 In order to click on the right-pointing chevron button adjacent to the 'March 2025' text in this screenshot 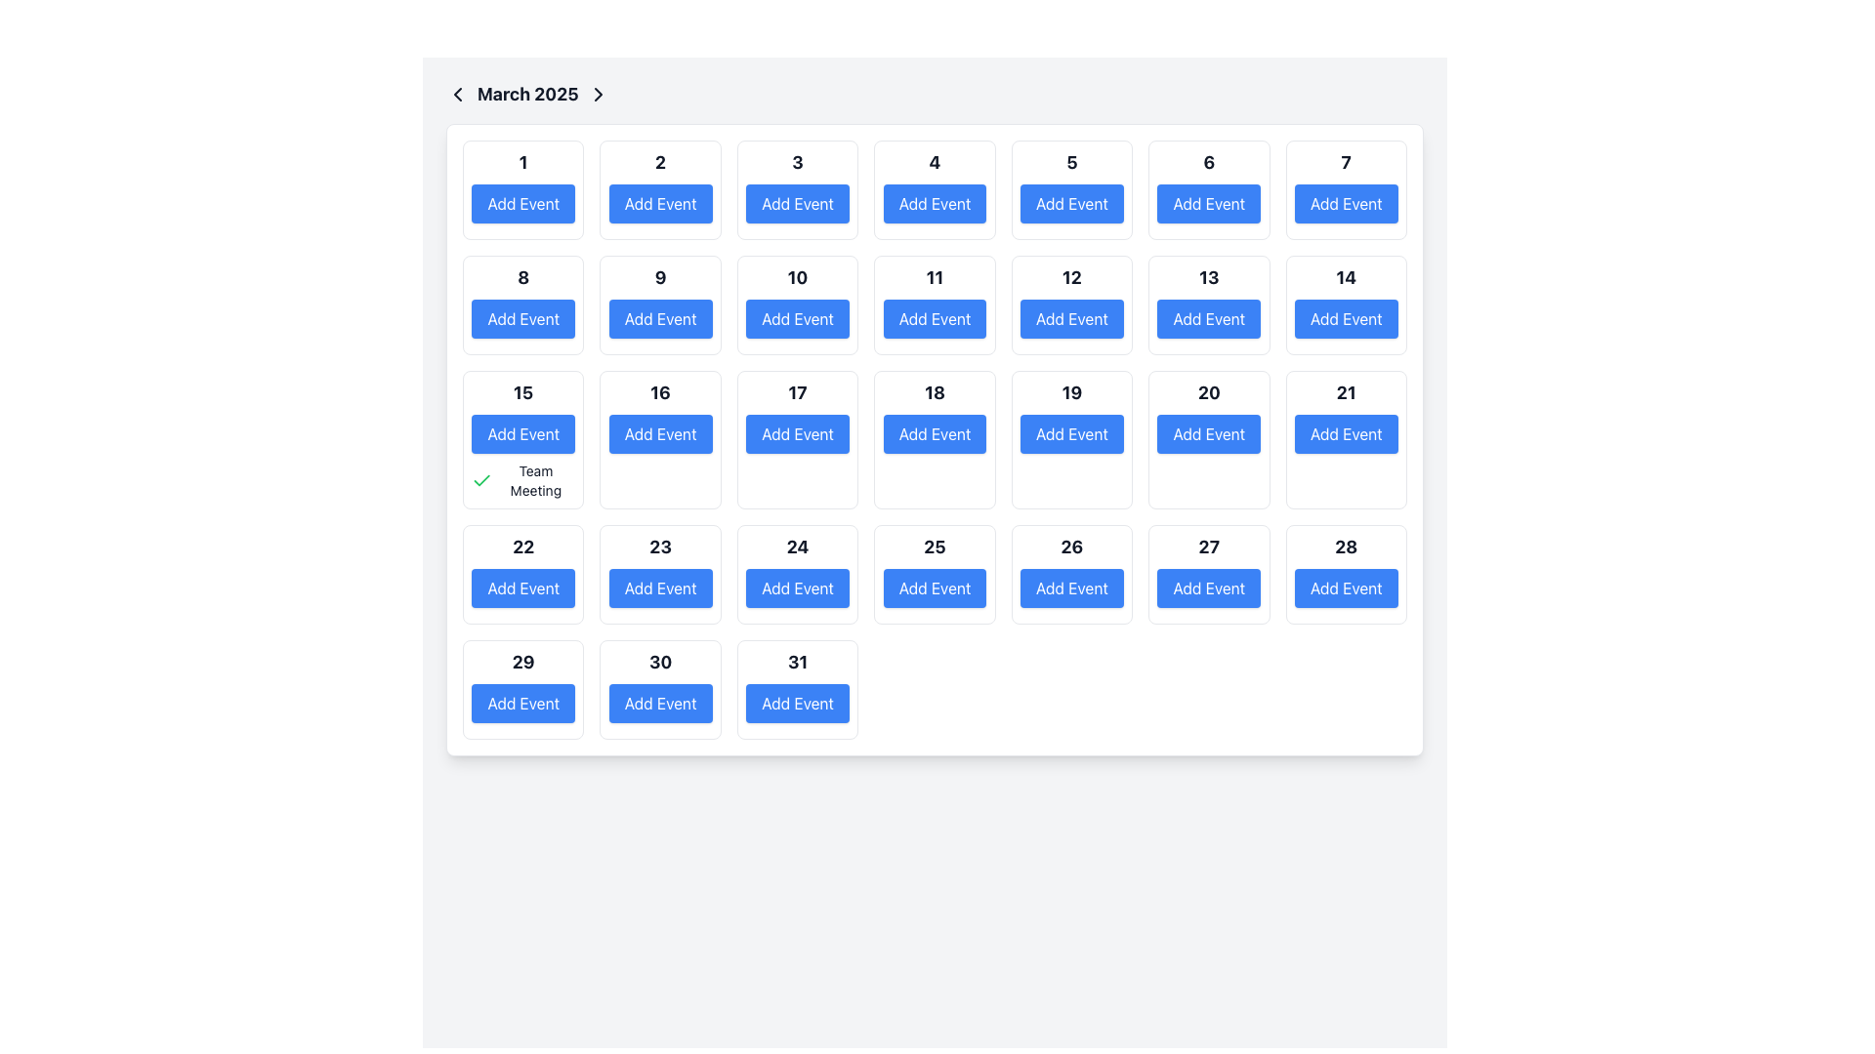, I will do `click(597, 94)`.